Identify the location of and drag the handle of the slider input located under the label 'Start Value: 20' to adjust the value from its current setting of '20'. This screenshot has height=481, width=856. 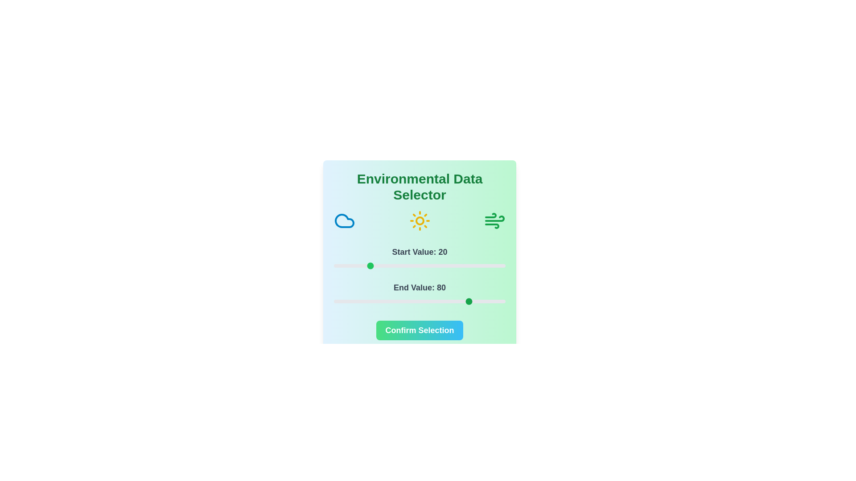
(419, 265).